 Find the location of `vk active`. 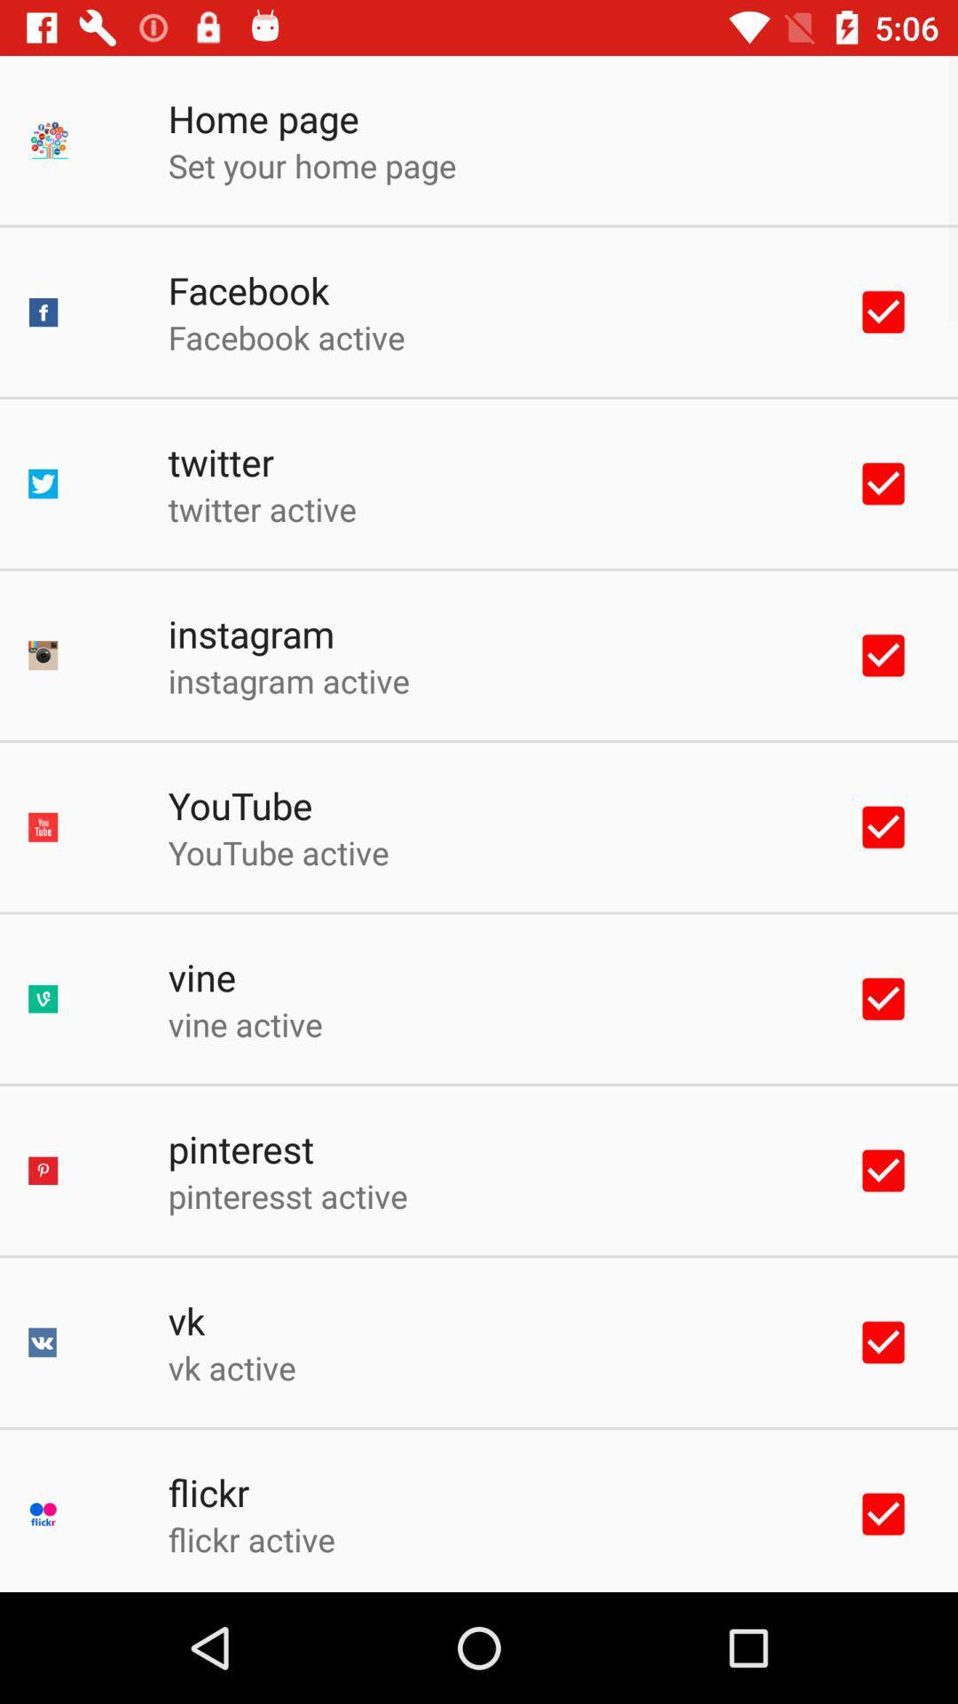

vk active is located at coordinates (231, 1367).